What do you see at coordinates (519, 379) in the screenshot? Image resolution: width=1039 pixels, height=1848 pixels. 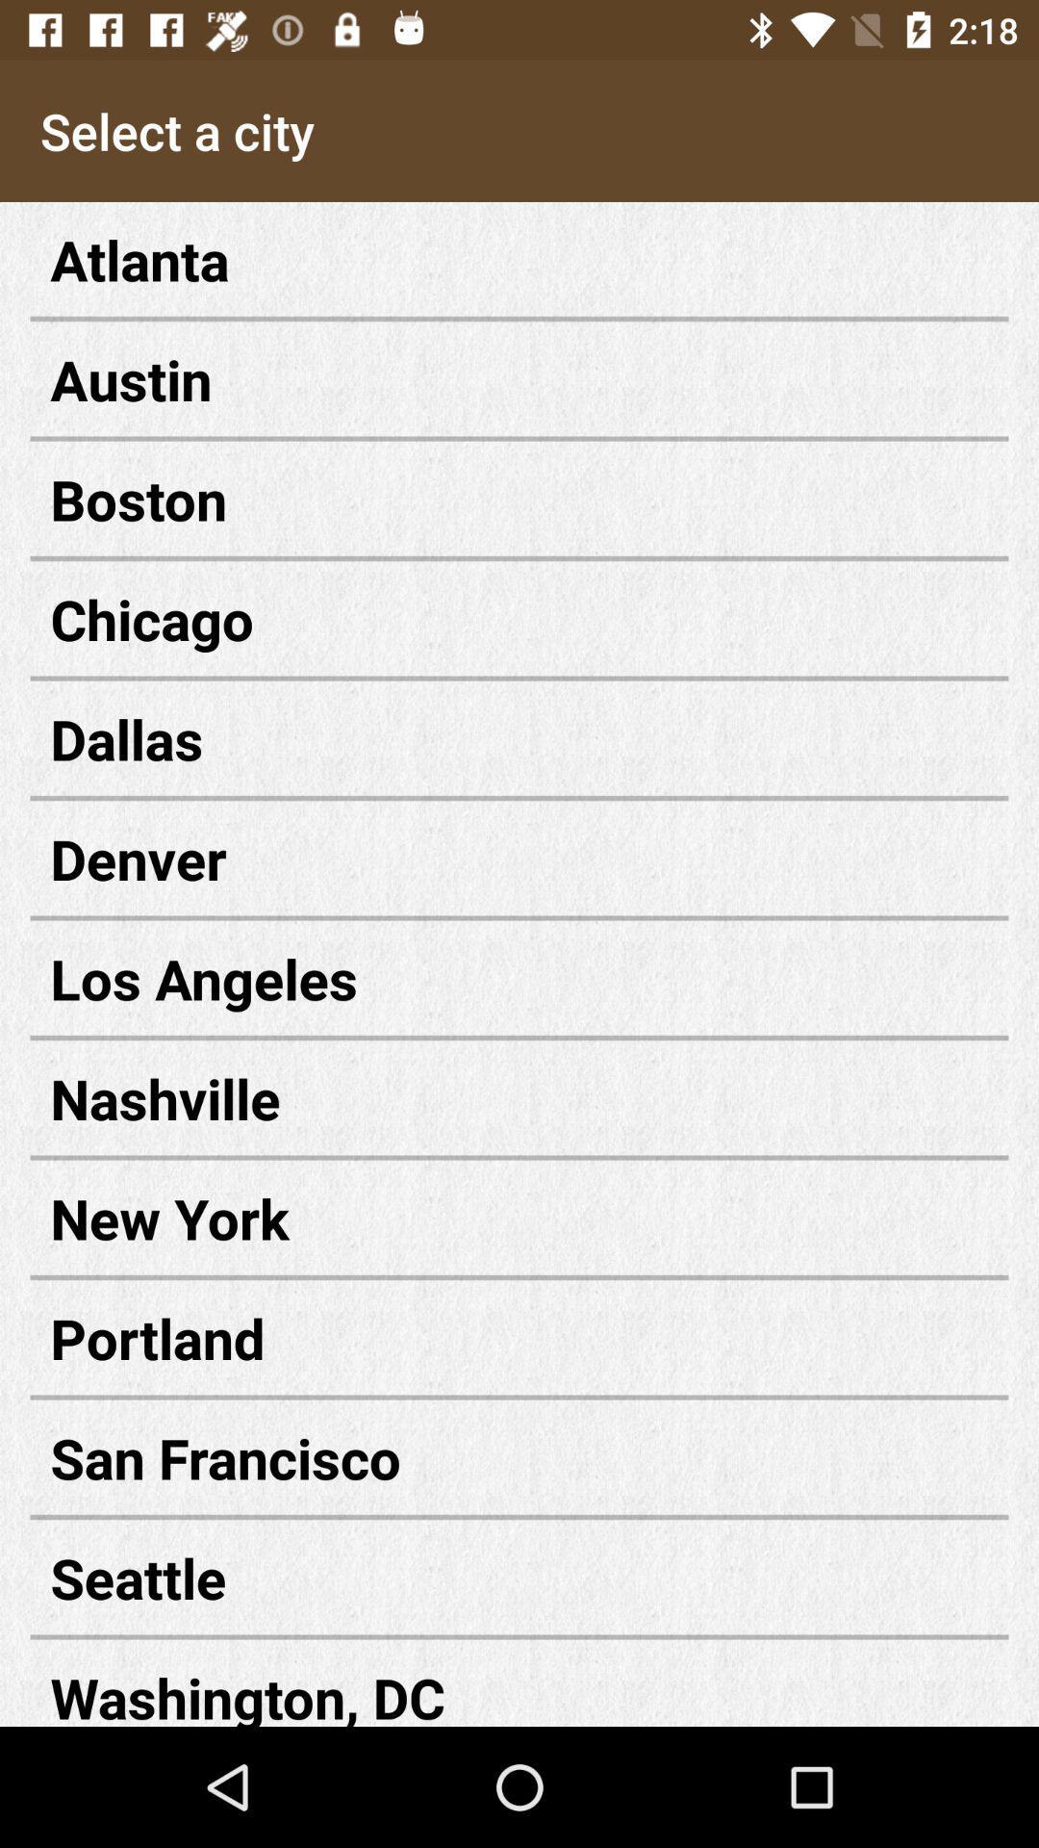 I see `austin icon` at bounding box center [519, 379].